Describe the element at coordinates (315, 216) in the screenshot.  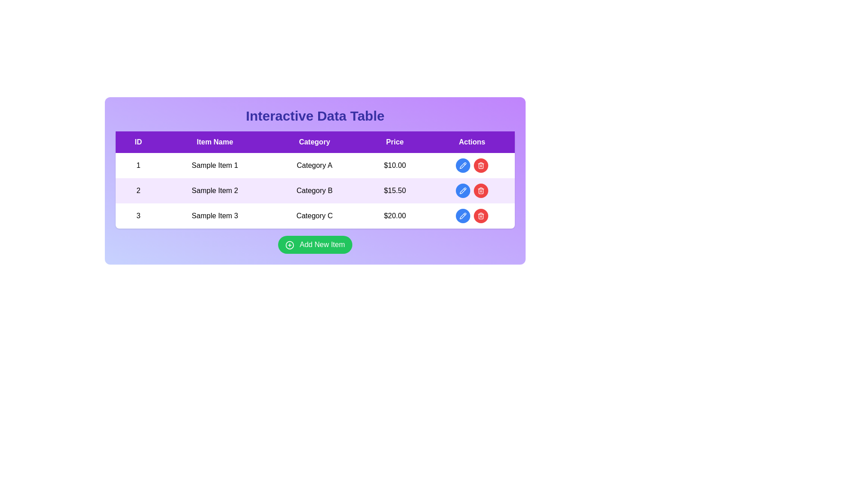
I see `the table cell containing the text 'Category C'` at that location.